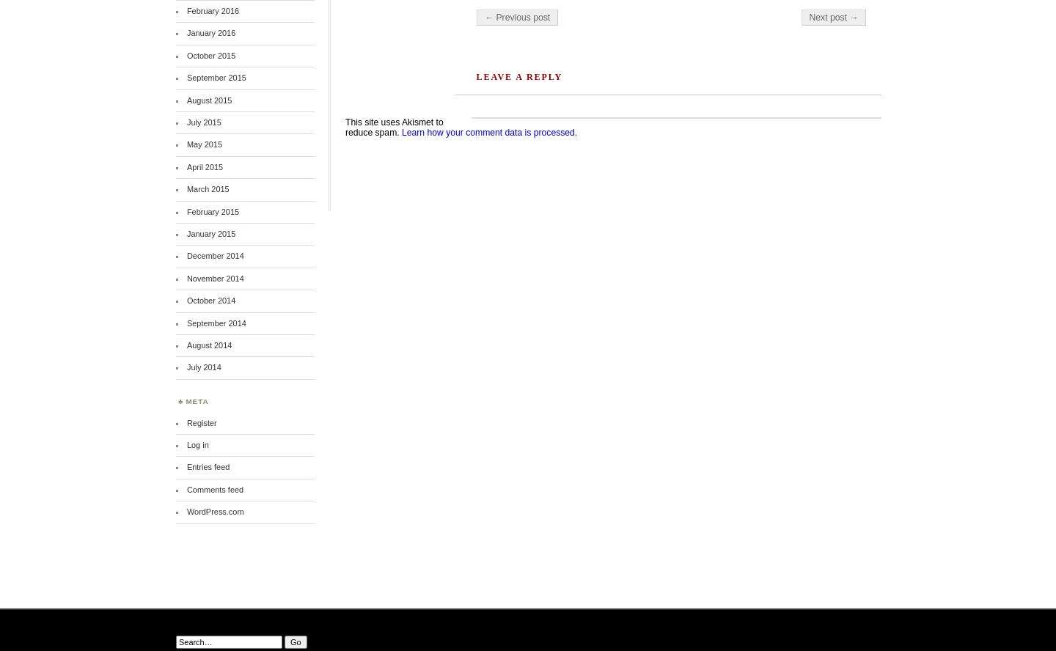 The height and width of the screenshot is (651, 1056). I want to click on 'Comments feed', so click(214, 488).